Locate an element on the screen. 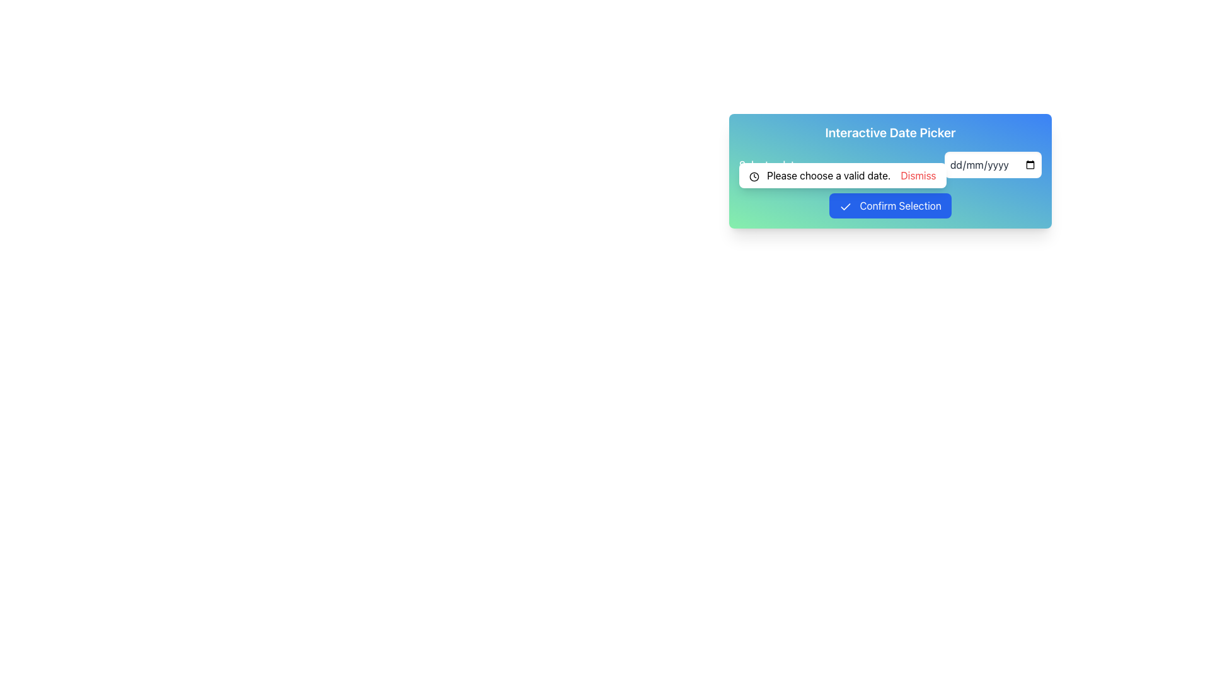 The height and width of the screenshot is (680, 1210). notification text displayed in the notification bar, which contains the message 'Please choose a valid date.' and a dismiss button is located at coordinates (843, 175).